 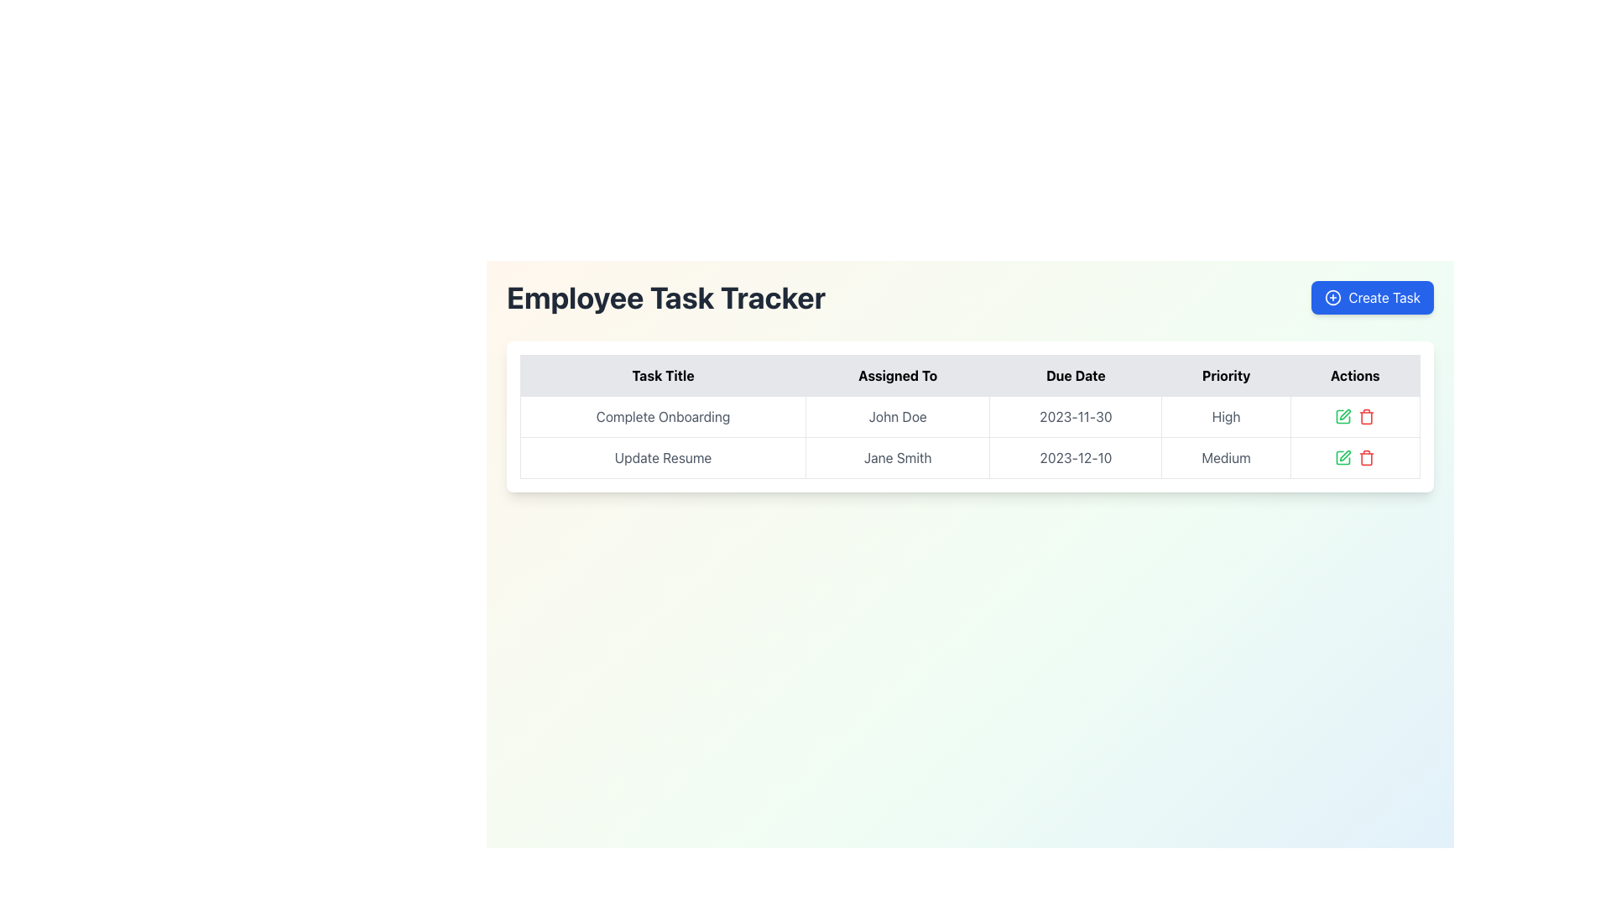 What do you see at coordinates (897, 416) in the screenshot?
I see `text content of the Text Display showing 'John Doe', which is located in the 'Assigned To' column of the 'Employee Task Tracker' interface` at bounding box center [897, 416].